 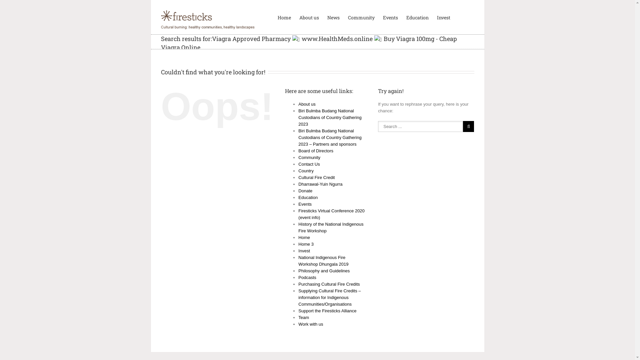 What do you see at coordinates (309, 17) in the screenshot?
I see `'About us'` at bounding box center [309, 17].